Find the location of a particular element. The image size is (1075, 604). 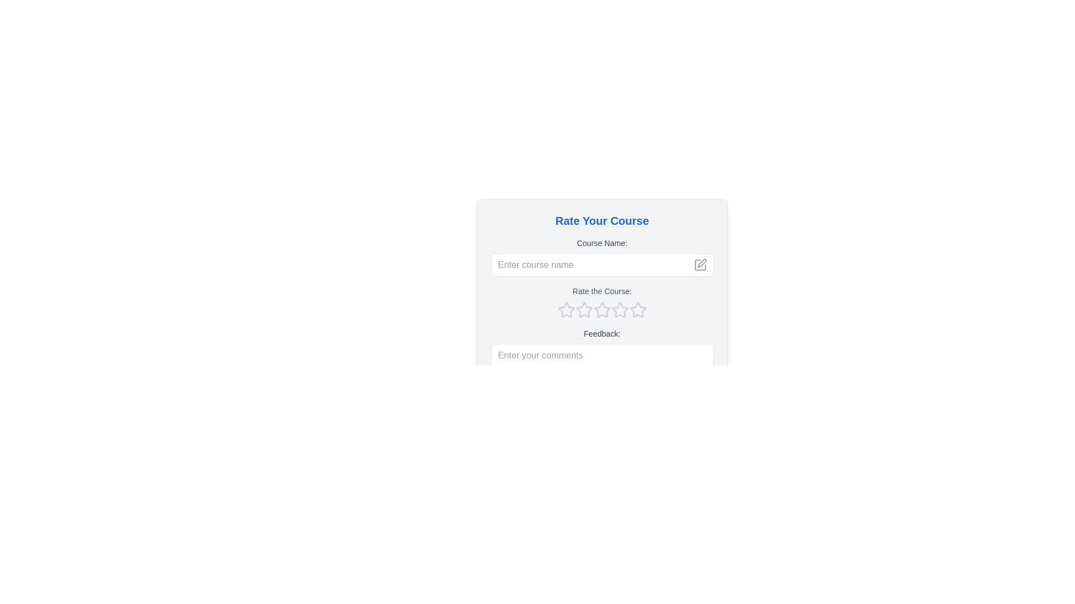

the fourth star in the rating component is located at coordinates (638, 310).